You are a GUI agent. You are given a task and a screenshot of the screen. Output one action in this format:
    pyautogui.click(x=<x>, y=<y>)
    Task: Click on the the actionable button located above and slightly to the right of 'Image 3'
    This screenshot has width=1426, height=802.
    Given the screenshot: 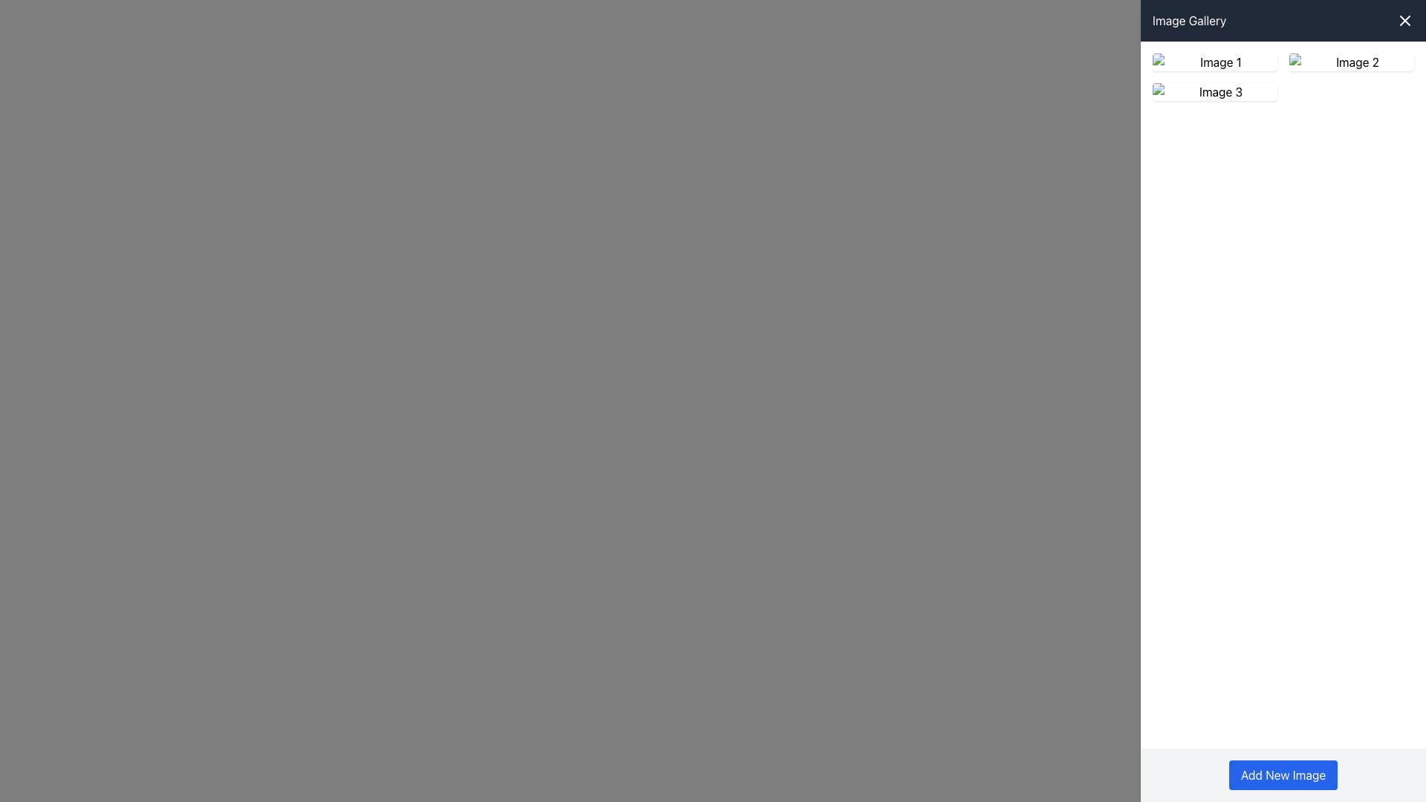 What is the action you would take?
    pyautogui.click(x=1215, y=91)
    